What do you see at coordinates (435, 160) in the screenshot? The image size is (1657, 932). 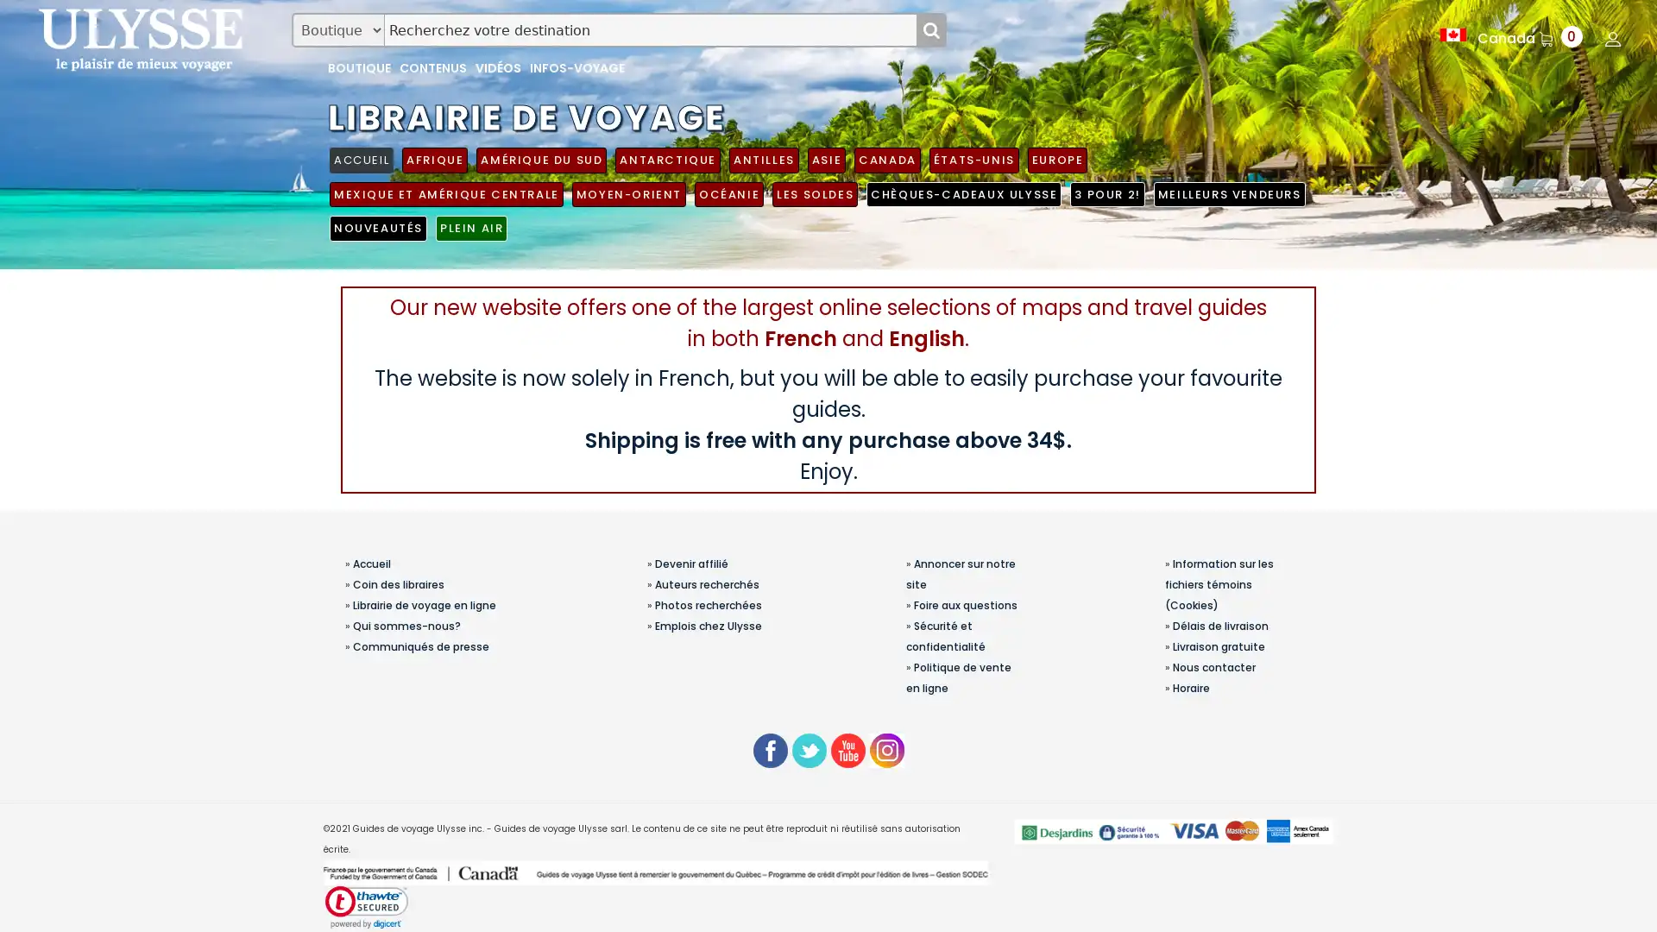 I see `AFRIQUE` at bounding box center [435, 160].